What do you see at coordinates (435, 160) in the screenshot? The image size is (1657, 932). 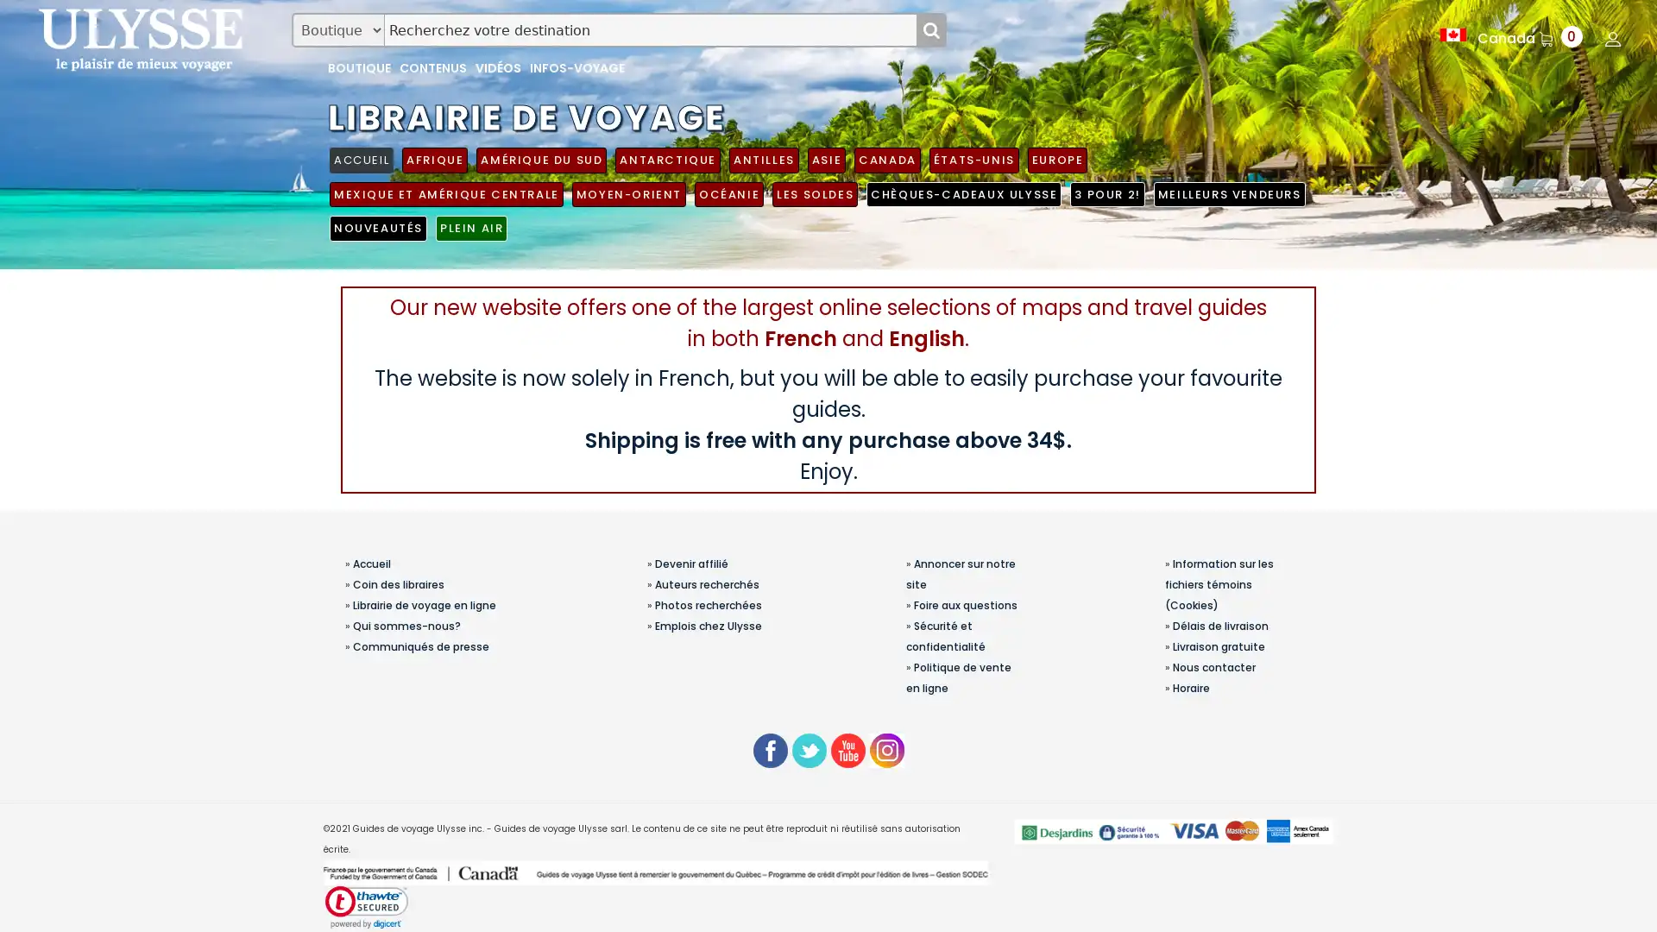 I see `AFRIQUE` at bounding box center [435, 160].